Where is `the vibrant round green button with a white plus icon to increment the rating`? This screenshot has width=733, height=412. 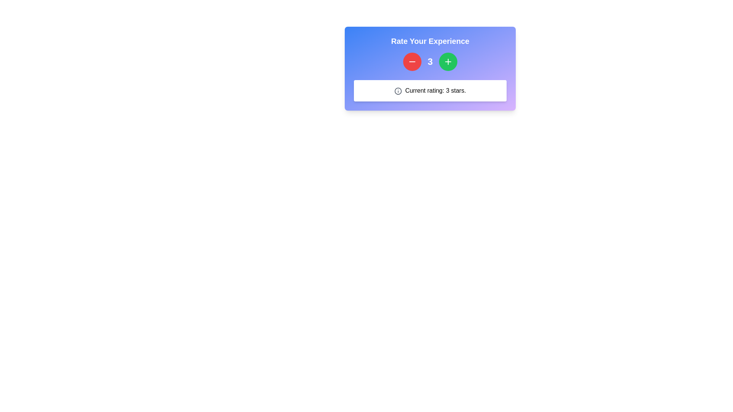
the vibrant round green button with a white plus icon to increment the rating is located at coordinates (448, 61).